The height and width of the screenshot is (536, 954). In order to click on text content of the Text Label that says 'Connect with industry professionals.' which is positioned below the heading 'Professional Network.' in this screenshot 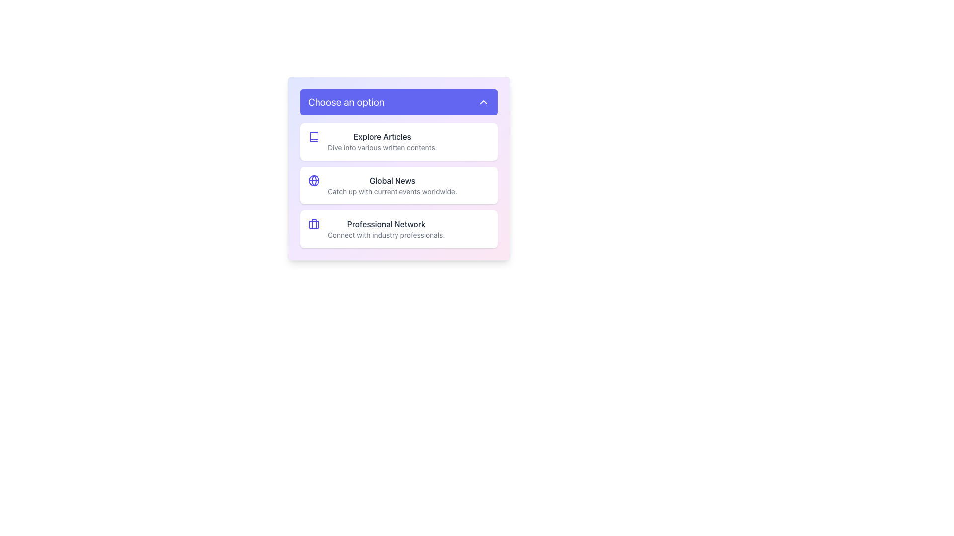, I will do `click(386, 235)`.